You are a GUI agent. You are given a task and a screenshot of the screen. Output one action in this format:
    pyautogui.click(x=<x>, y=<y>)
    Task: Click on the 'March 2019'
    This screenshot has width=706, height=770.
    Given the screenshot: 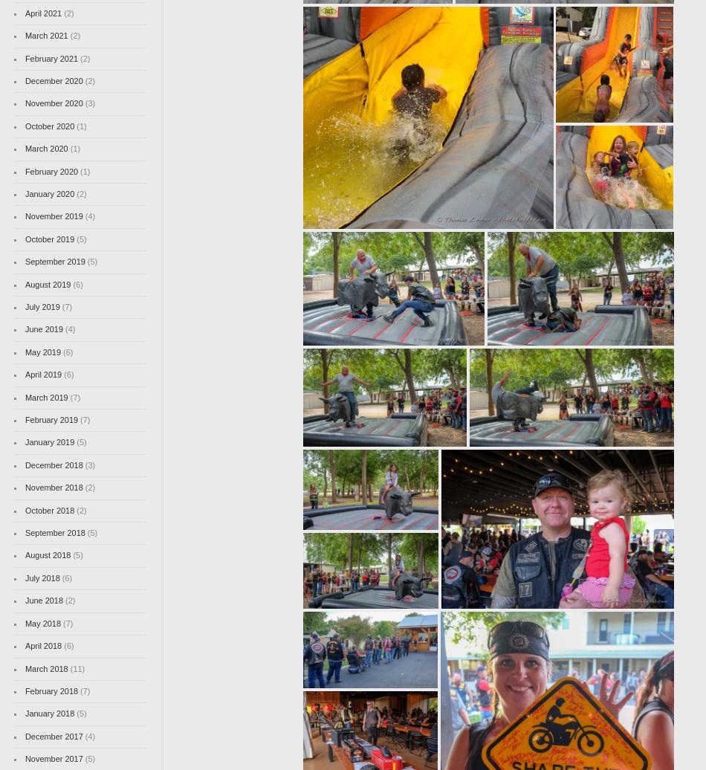 What is the action you would take?
    pyautogui.click(x=46, y=396)
    